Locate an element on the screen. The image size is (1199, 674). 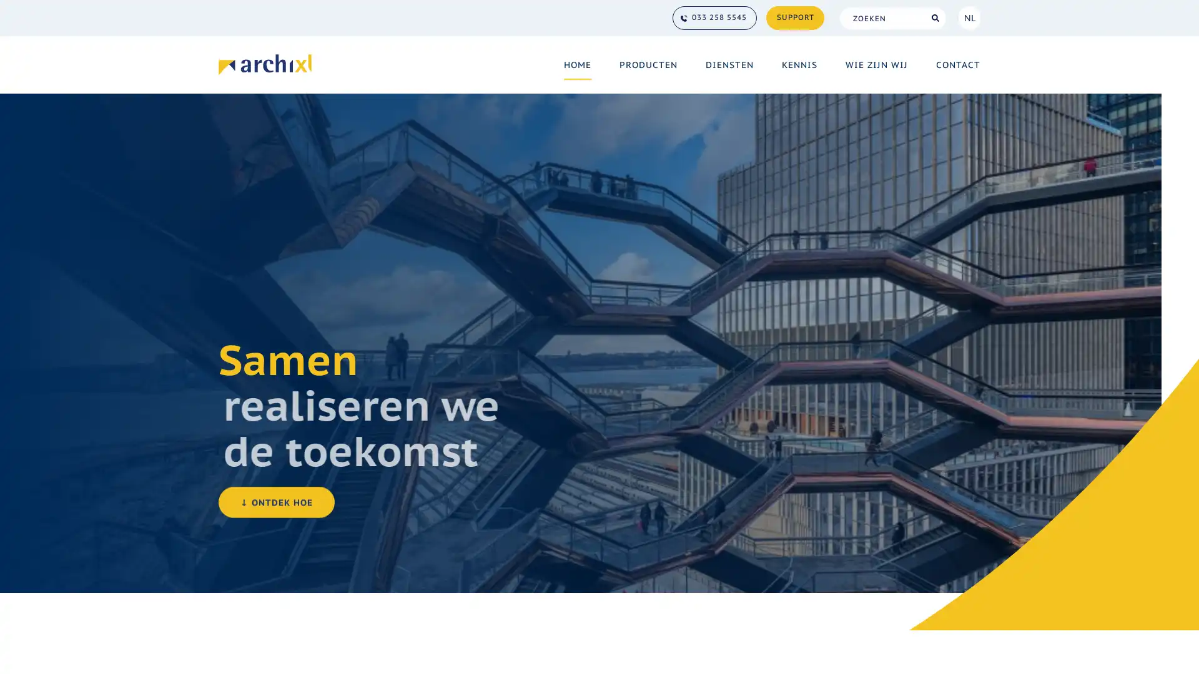
Search is located at coordinates (935, 17).